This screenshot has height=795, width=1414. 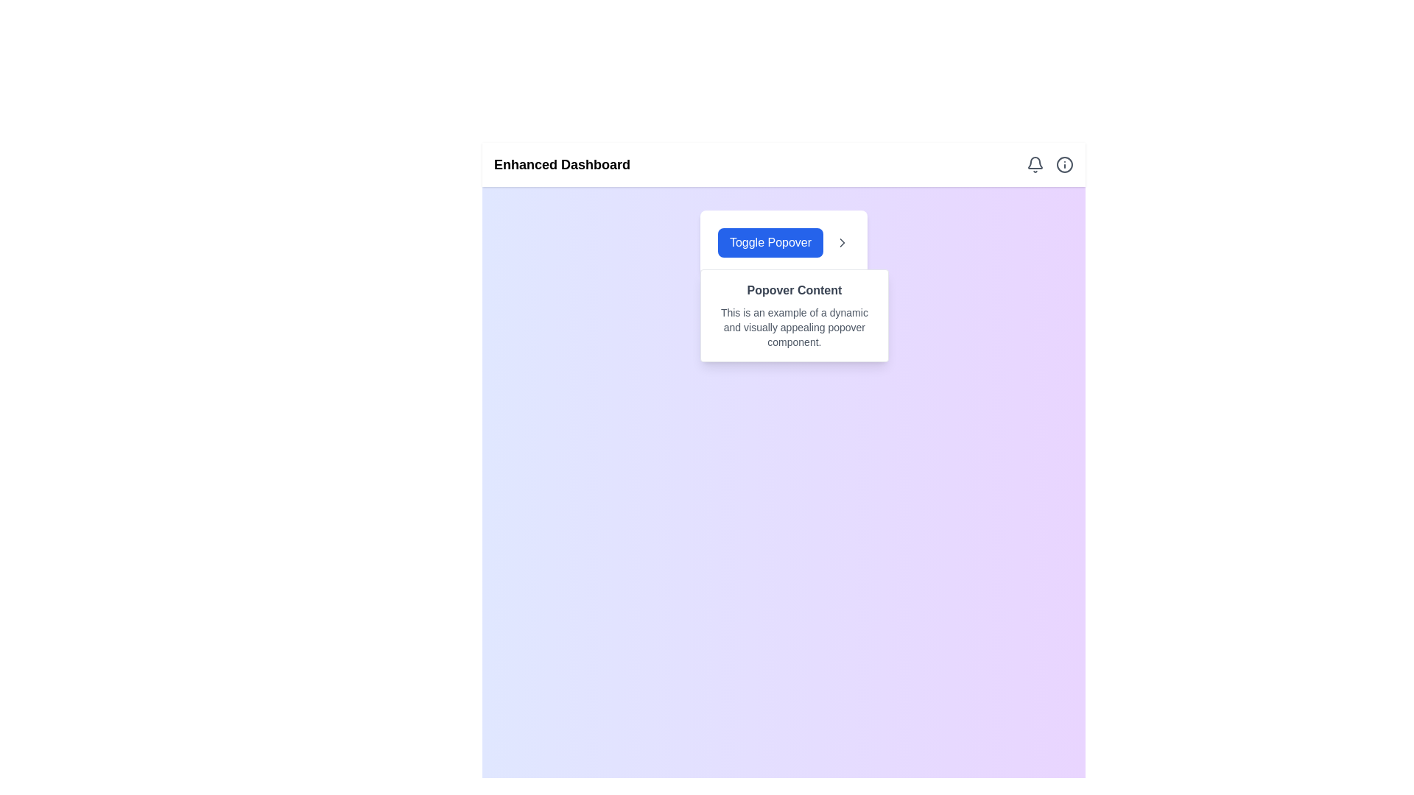 I want to click on the rightward-pointing chevron arrow icon, so click(x=843, y=242).